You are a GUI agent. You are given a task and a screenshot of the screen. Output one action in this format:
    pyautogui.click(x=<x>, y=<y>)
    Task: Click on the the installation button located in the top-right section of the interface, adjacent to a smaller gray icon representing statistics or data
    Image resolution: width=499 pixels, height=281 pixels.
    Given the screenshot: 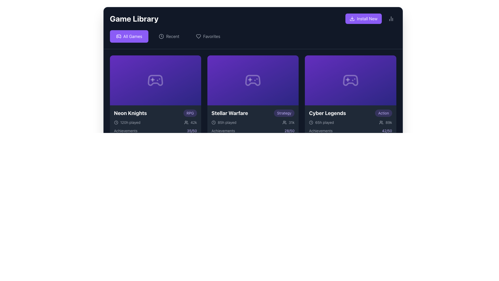 What is the action you would take?
    pyautogui.click(x=370, y=18)
    